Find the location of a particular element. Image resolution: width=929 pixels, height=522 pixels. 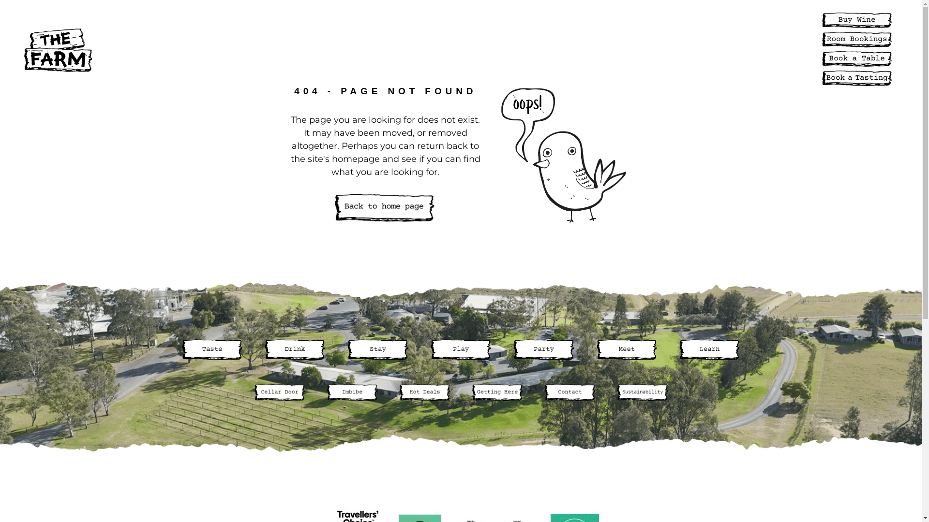

'Hot Deals-7' is located at coordinates (397, 392).